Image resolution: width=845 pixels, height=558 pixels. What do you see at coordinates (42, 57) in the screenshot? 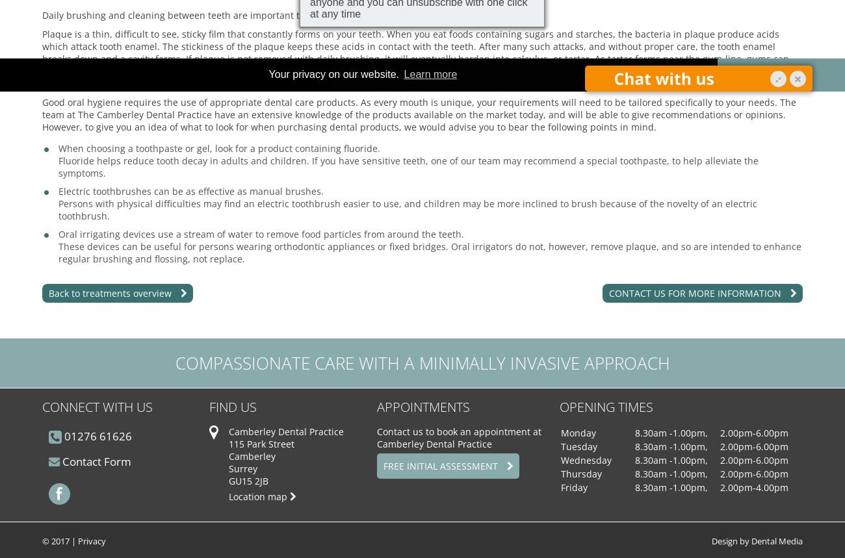
I see `'Plaque is a thin, difficult to see, sticky film that constantly   forms on your teeth. When you eat foods containing sugars and starches,   the bacteria in plaque produce acids which attack tooth enamel. The   stickiness of the plaque keeps these acids in contact with the teeth.   After many such attacks, and without proper care, the tooth enamel   breaks down and a cavity forms.  If plaque is not removed with daily   brushing, it will eventually harden into calculus, or tartar. As tartar   forms near the gum-line, gums can become irritated and inflamed. They can   become swollen and may bleed occasionally, often whilst brushing. The   gums begin to pull away from the teeth and form pockets that become   infected. If this gum disease is not treated properly, the bone   supporting the teeth is destroyed, and sound teeth may be needlessly   lost.'` at bounding box center [42, 57].